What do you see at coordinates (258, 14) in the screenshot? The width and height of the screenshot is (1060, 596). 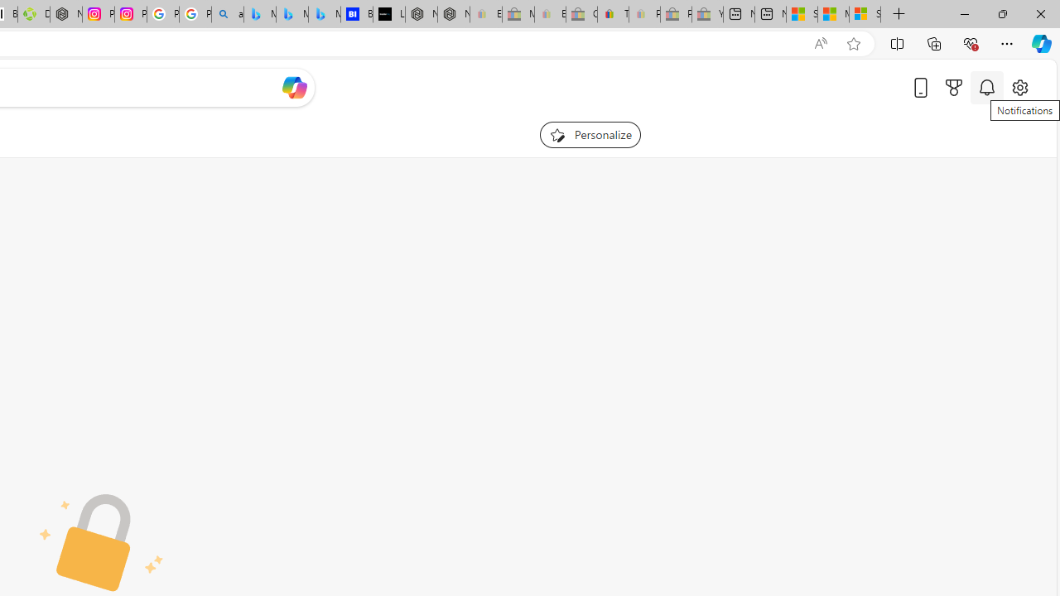 I see `'Microsoft Bing Travel - Flights from Hong Kong to Bangkok'` at bounding box center [258, 14].